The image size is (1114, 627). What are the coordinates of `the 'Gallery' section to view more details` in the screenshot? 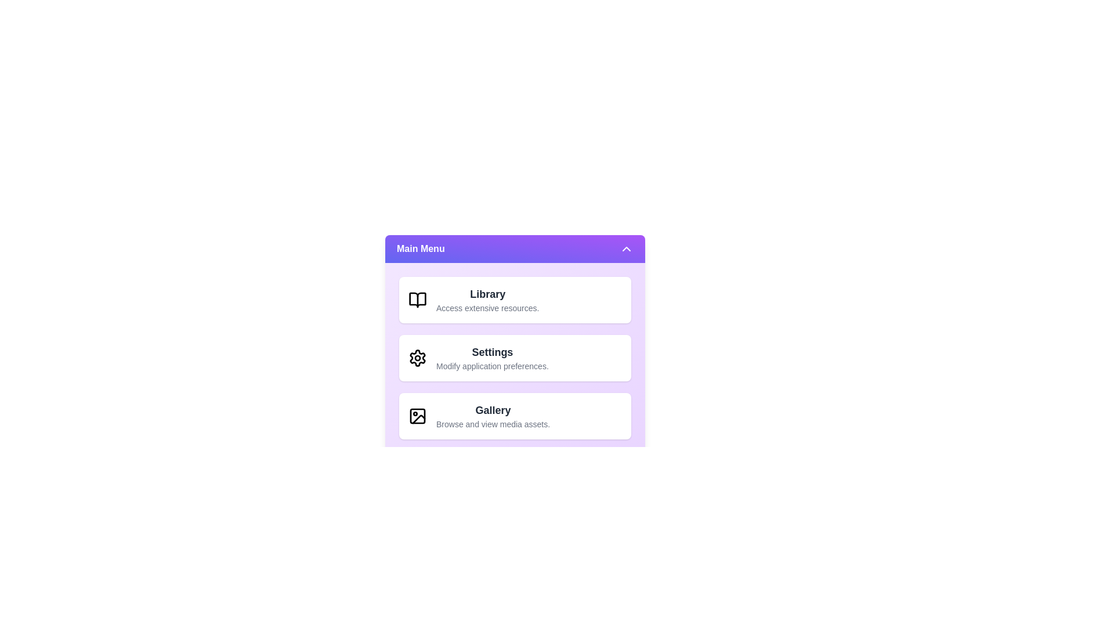 It's located at (493, 416).